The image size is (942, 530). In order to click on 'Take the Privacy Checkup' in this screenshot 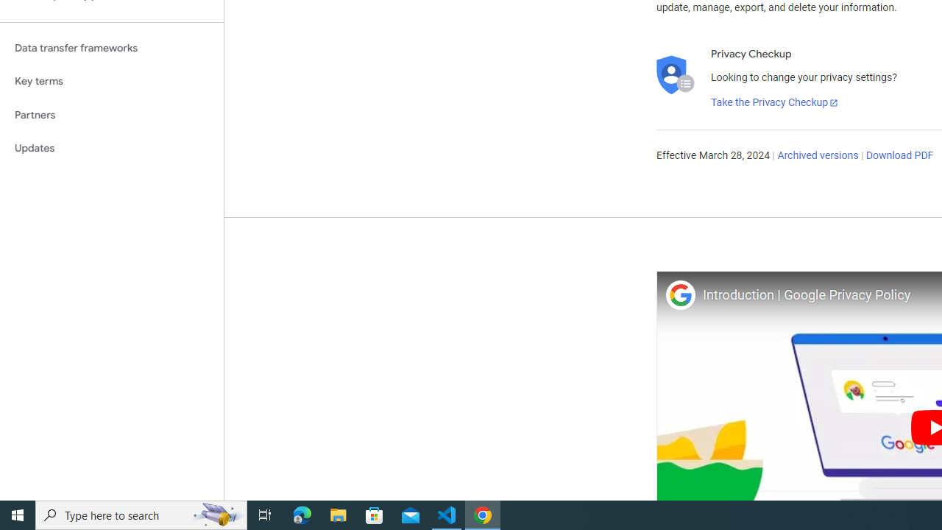, I will do `click(774, 102)`.